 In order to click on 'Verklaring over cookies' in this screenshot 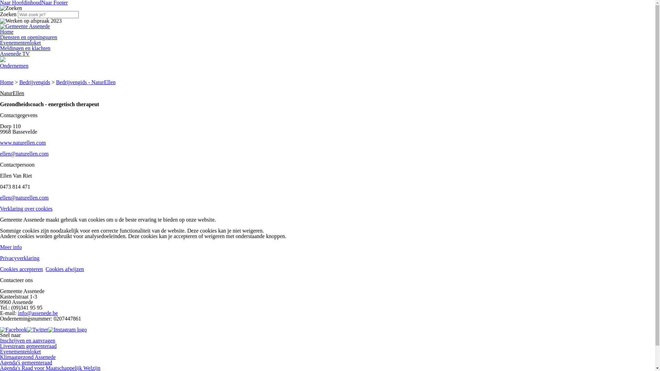, I will do `click(26, 208)`.